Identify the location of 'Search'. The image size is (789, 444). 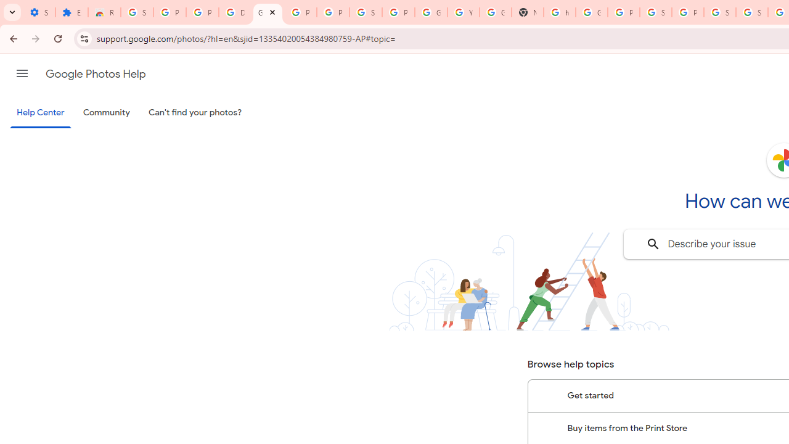
(652, 244).